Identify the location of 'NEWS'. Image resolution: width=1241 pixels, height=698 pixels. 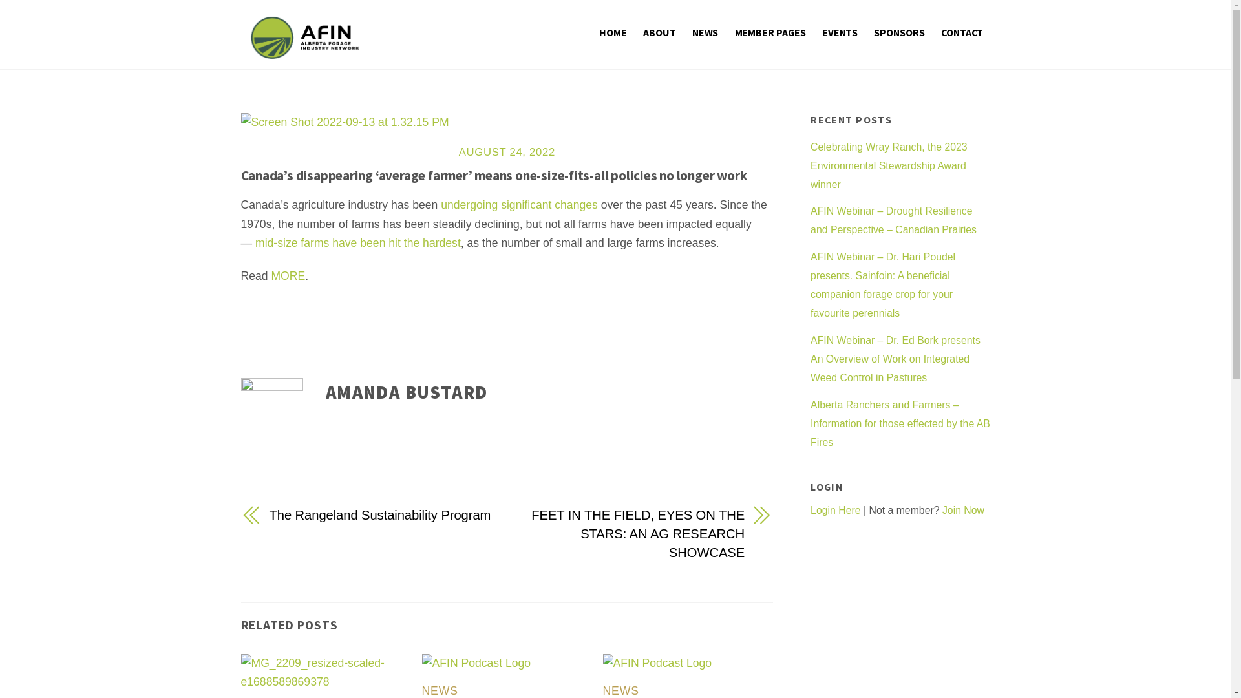
(620, 690).